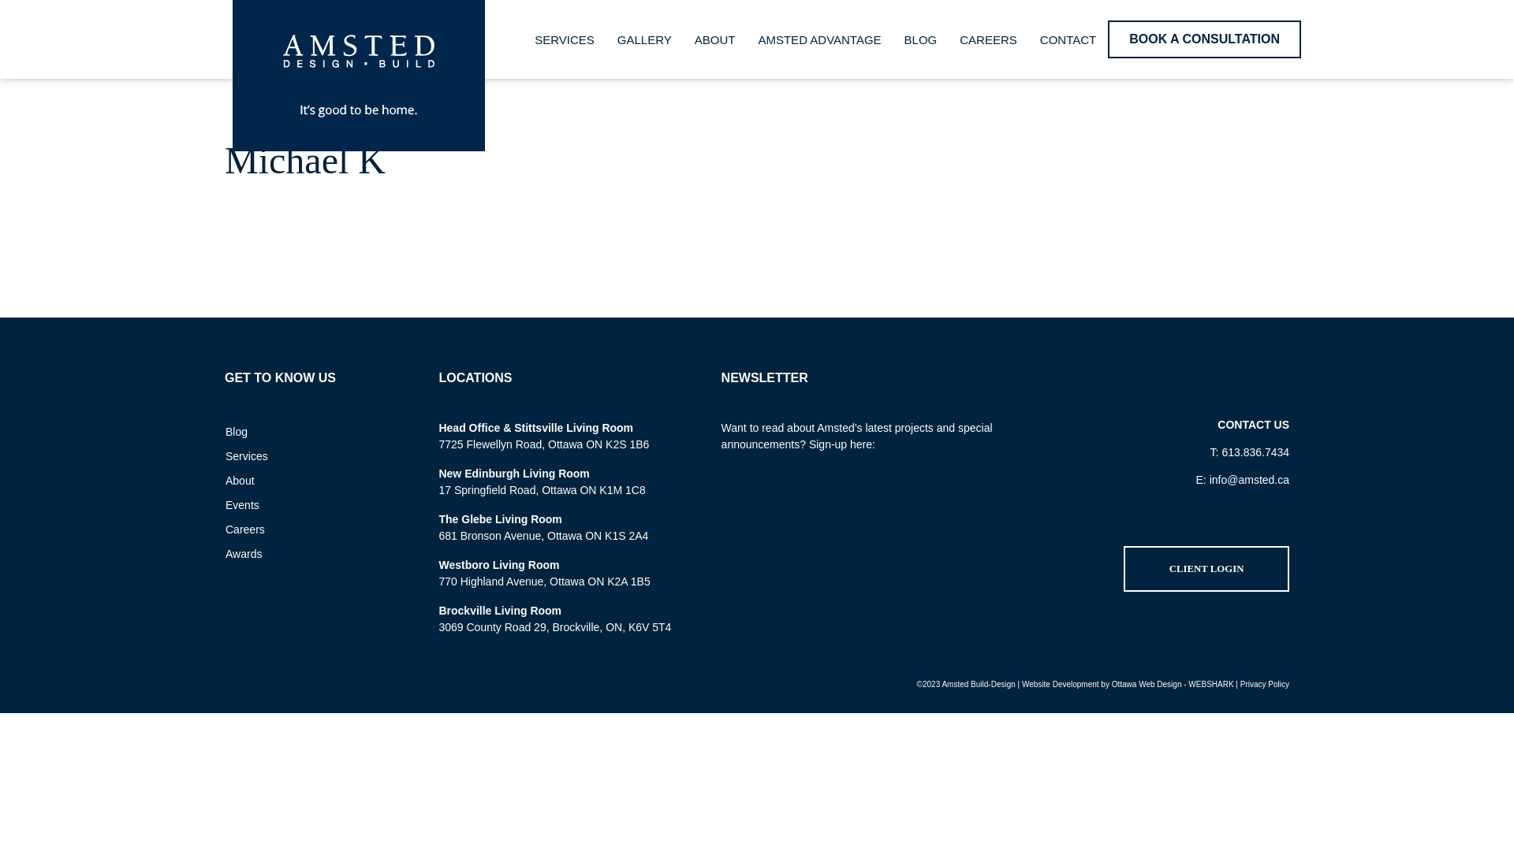 This screenshot has width=1514, height=851. I want to click on 'Awards', so click(214, 552).